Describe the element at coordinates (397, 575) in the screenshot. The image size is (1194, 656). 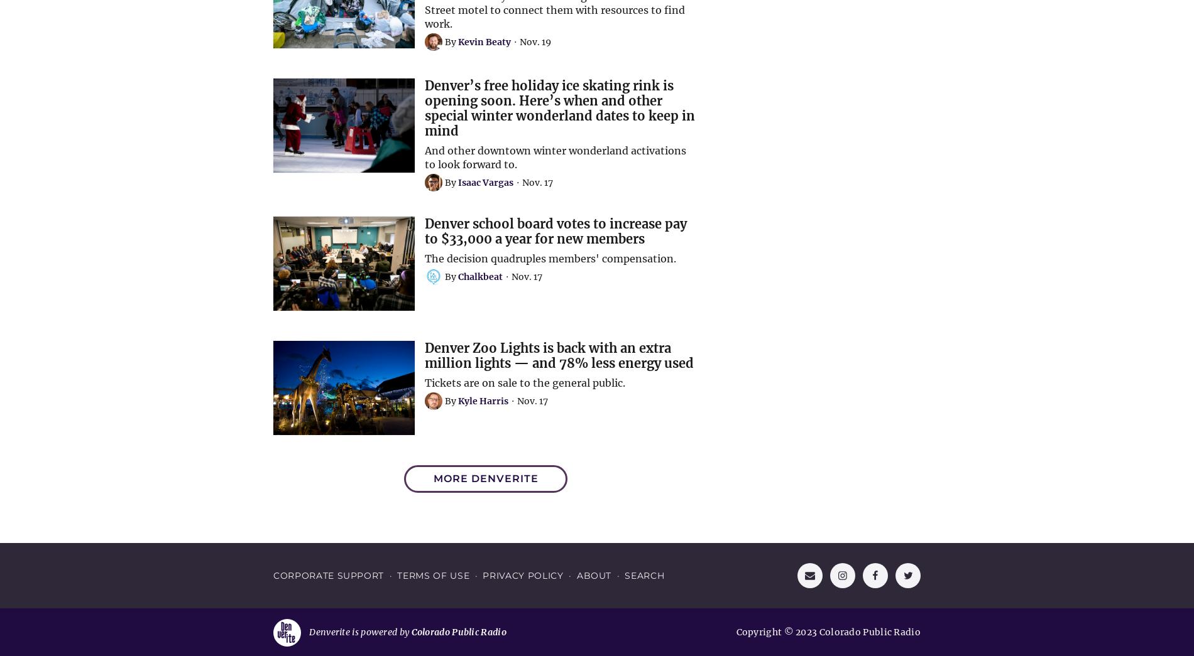
I see `'Terms of Use'` at that location.